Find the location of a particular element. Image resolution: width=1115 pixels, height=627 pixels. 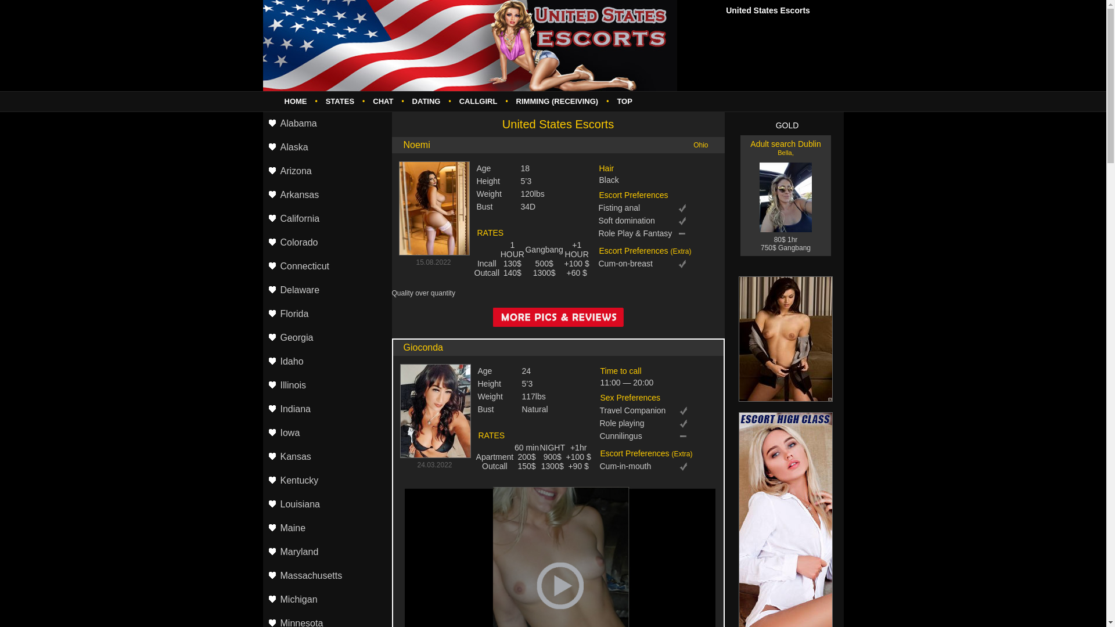

'DATING' is located at coordinates (426, 100).